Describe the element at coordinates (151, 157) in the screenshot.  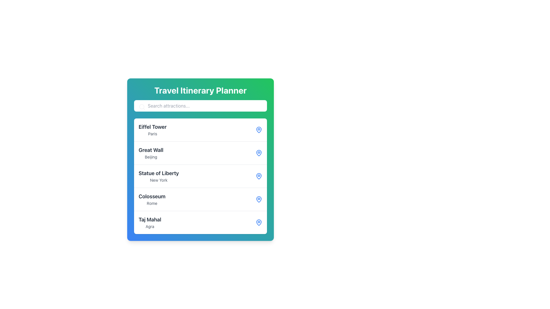
I see `the text label displaying 'Beijing', which is styled in gray and located below 'Great Wall' in the list of attractions` at that location.